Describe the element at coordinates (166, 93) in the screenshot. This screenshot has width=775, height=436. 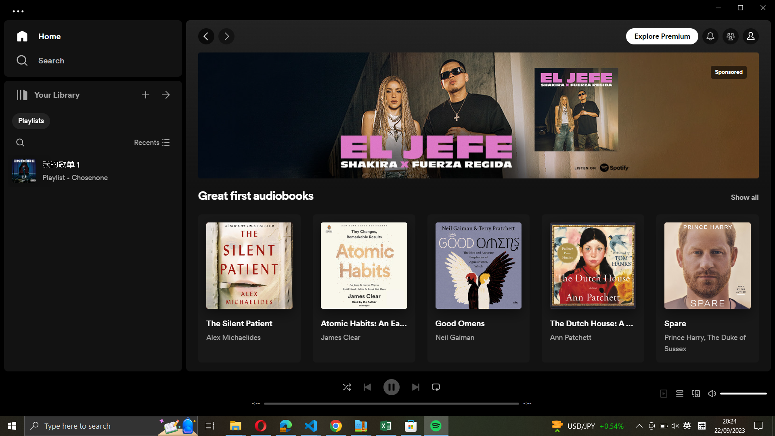
I see `my bookshelf` at that location.